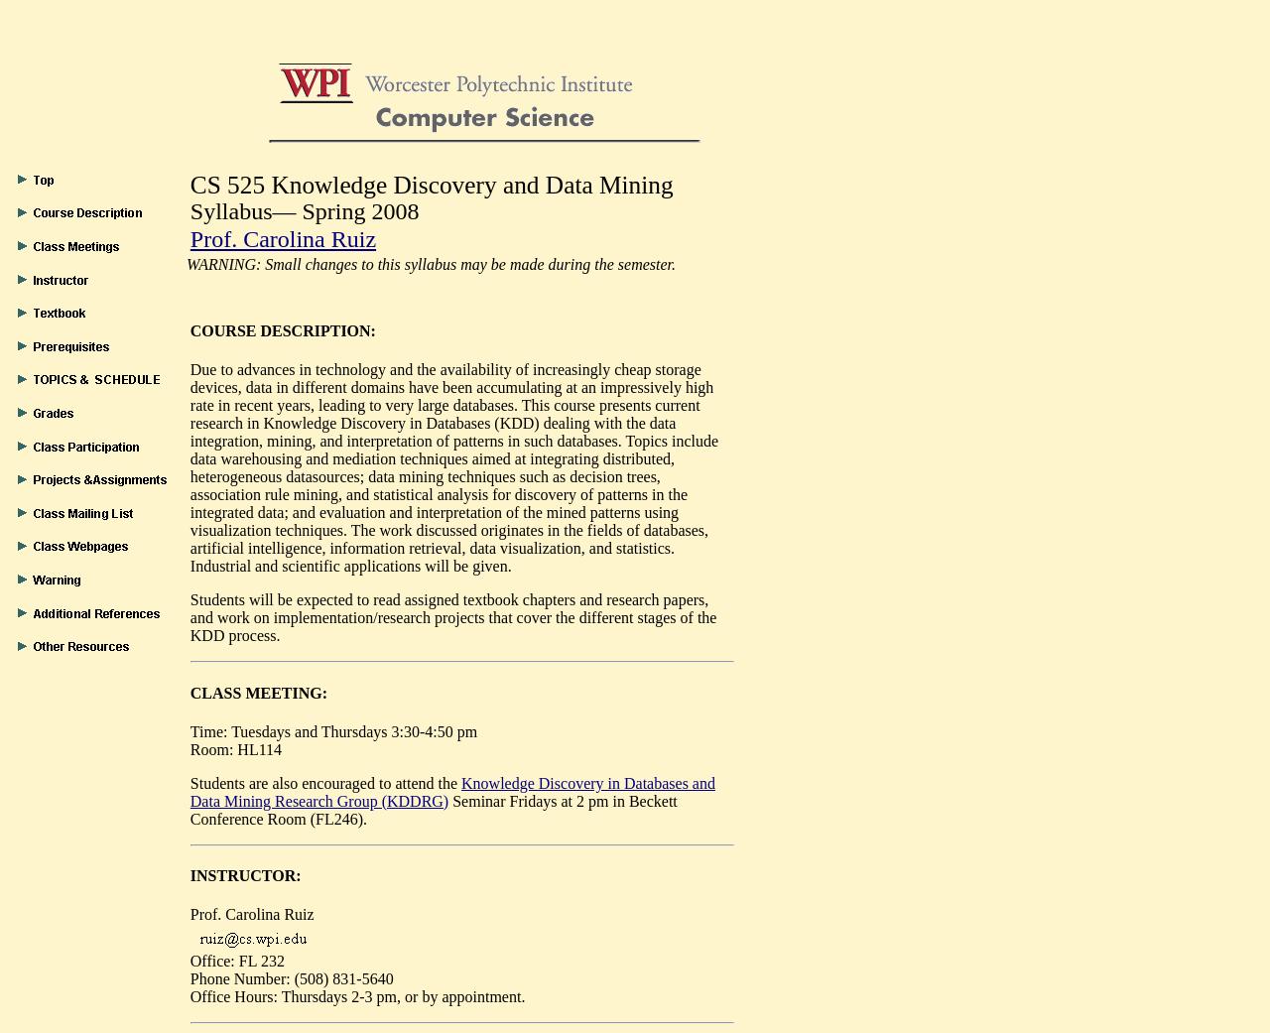 The height and width of the screenshot is (1033, 1270). I want to click on 'Due to advances in technology and the availability of increasingly
cheap storage devices, data in different domains have been accumulating
at an impressively high rate in recent years, leading to very large
databases. This course presents current research in Knowledge Discovery
in Databases (KDD) dealing with the data integration, mining, and
interpretation of patterns in such databases. Topics include data
warehousing and mediation techniques aimed at integrating distributed,
heterogeneous datasources; data mining techniques such as 
decision trees, association rule mining, and statistical
analysis for discovery of patterns in the integrated data; and
evaluation and interpretation of the mined patterns using visualization
techniques. The work discussed originates in the fields of databases,
artificial intelligence, information retrieval, data visualization,
and statistics. Industrial and scientific applications will be given.', so click(452, 466).